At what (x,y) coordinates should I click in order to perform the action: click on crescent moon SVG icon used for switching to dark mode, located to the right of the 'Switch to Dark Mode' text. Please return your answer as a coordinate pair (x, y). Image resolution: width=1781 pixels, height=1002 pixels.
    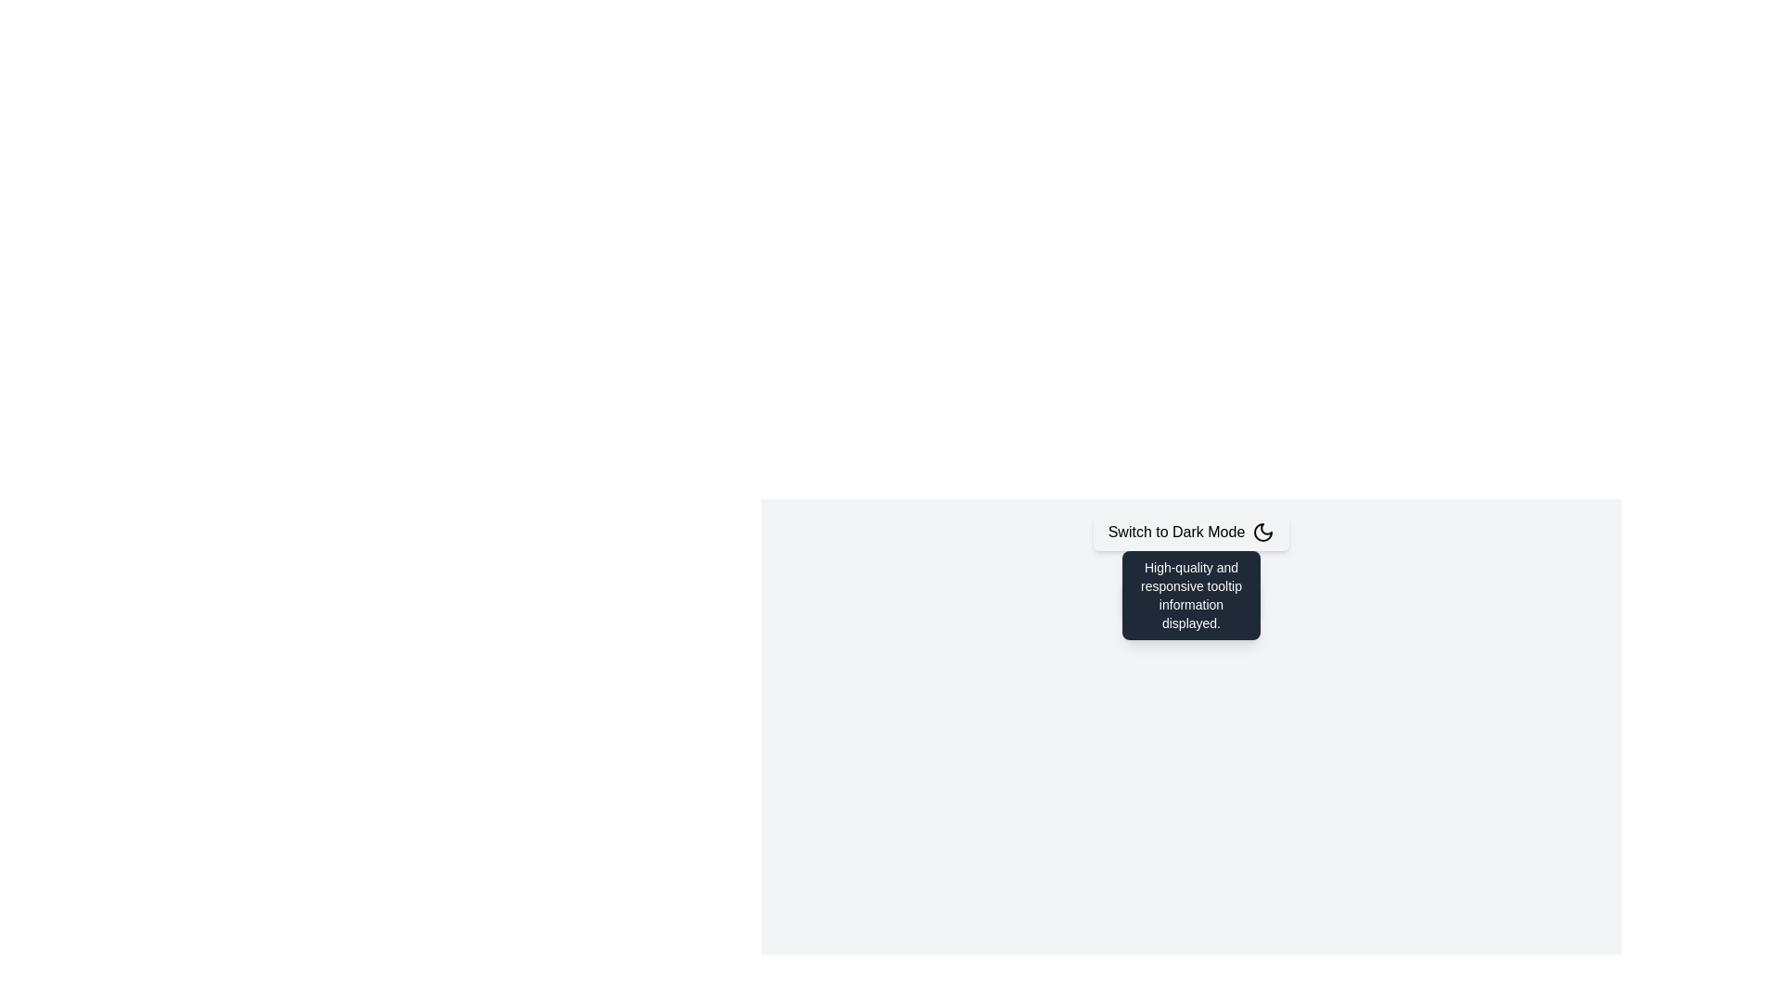
    Looking at the image, I should click on (1262, 533).